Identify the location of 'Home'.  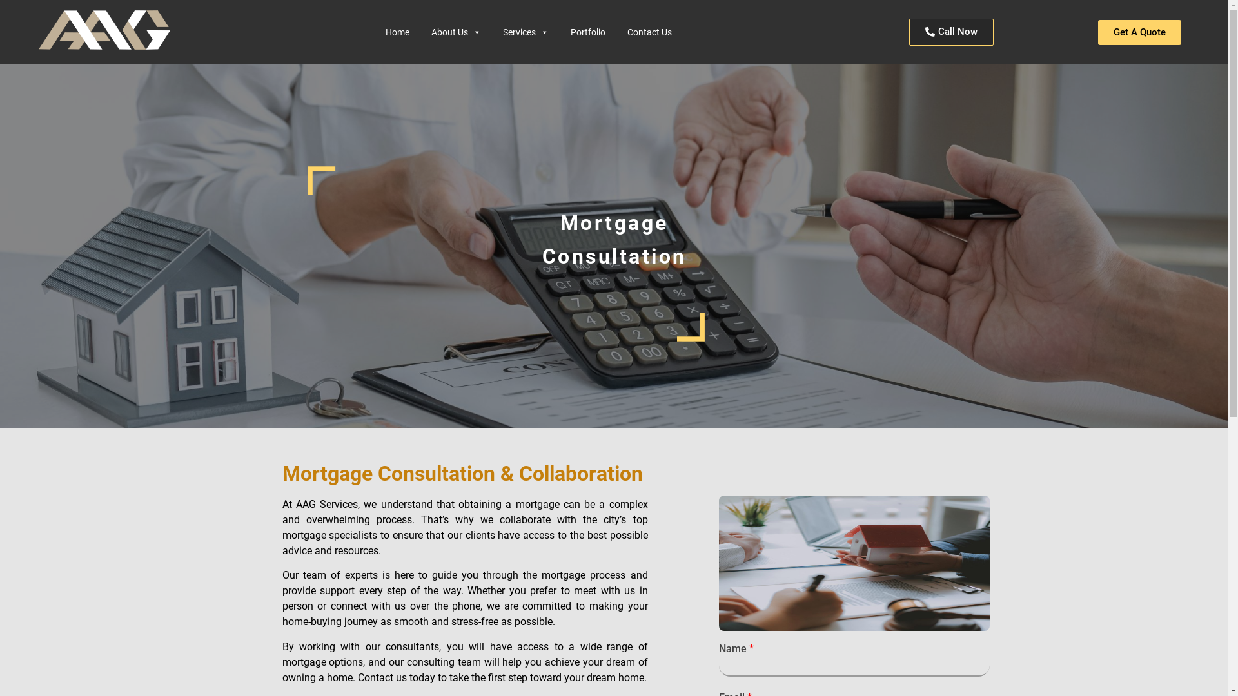
(397, 32).